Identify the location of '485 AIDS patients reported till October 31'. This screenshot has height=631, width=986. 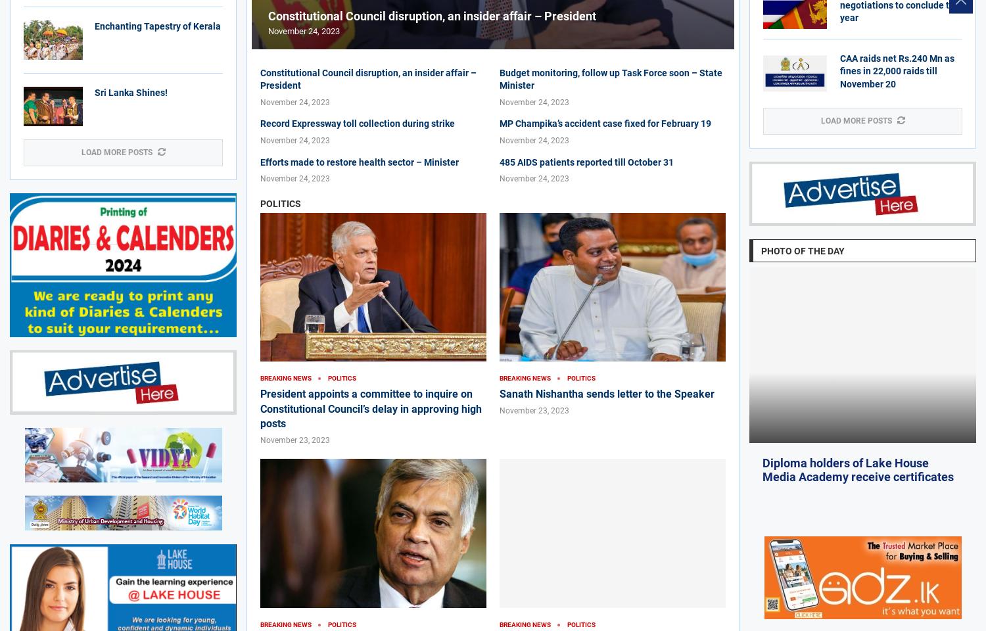
(586, 160).